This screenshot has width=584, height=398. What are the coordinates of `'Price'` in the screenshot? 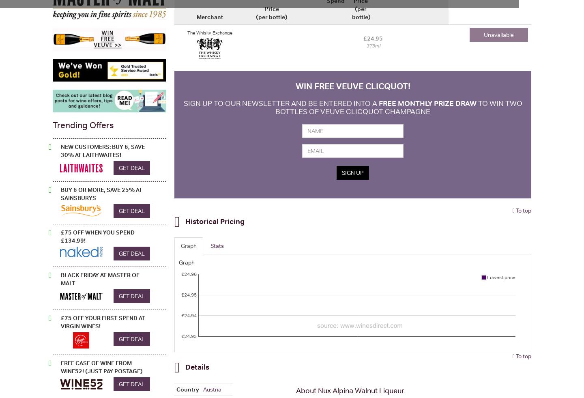 It's located at (271, 8).